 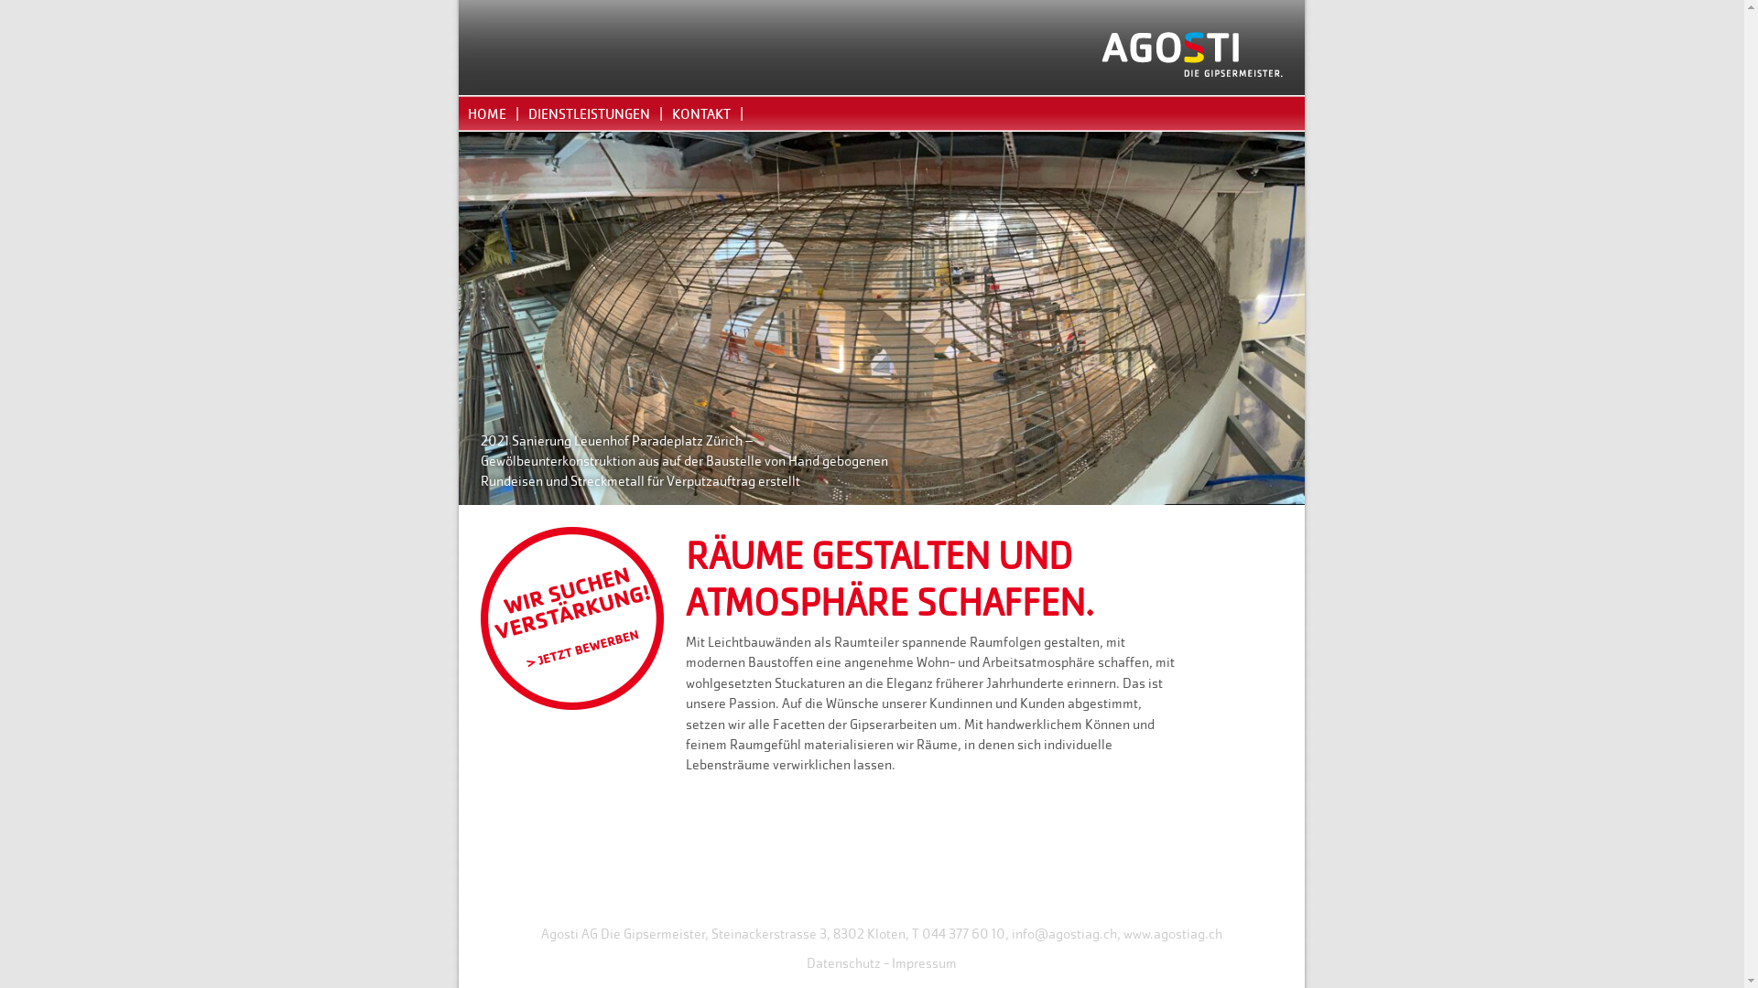 What do you see at coordinates (590, 113) in the screenshot?
I see `'DIENSTLEISTUNGEN'` at bounding box center [590, 113].